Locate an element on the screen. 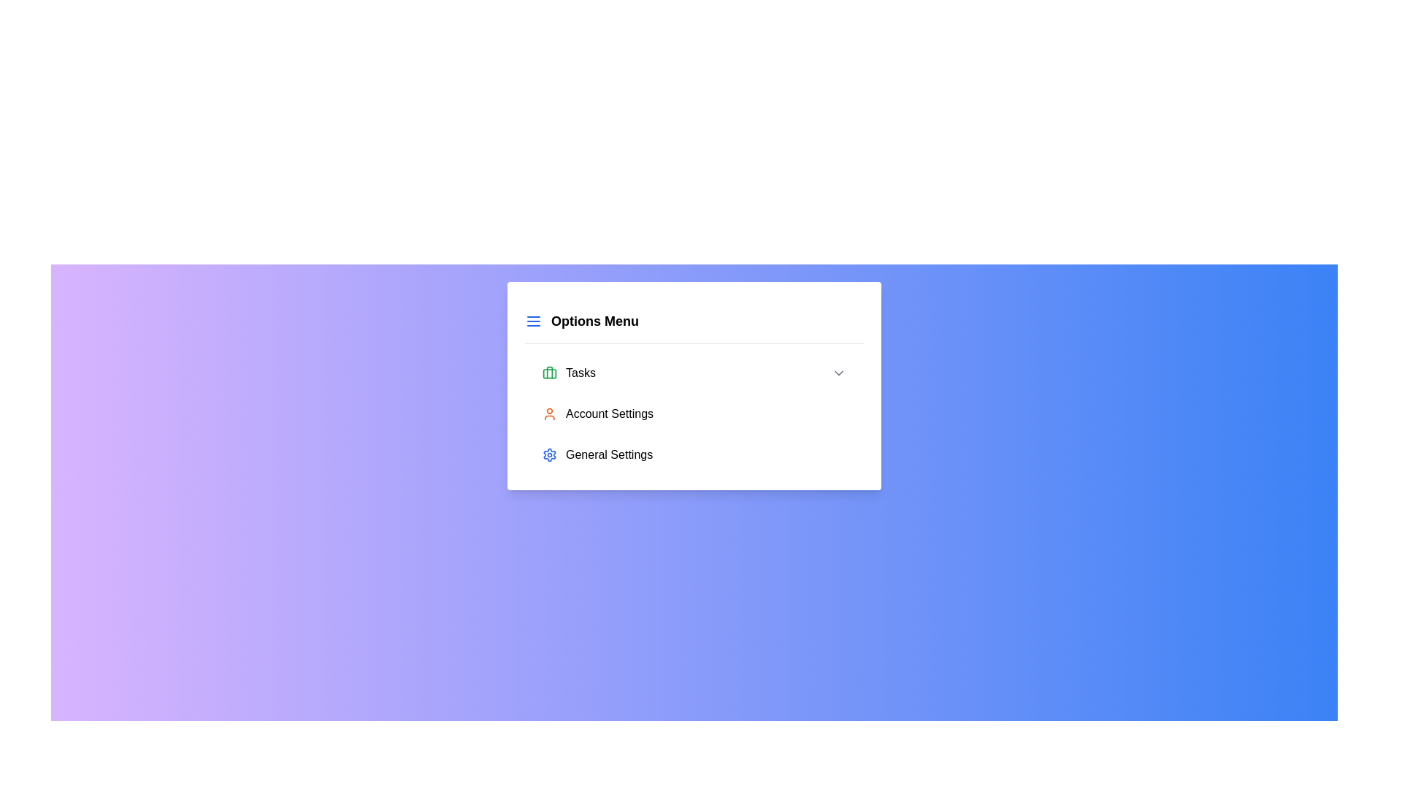 Image resolution: width=1402 pixels, height=789 pixels. the settings icon, which is a small blue gear-shaped icon located in the upper-right corner of the settings options menu is located at coordinates (549, 454).